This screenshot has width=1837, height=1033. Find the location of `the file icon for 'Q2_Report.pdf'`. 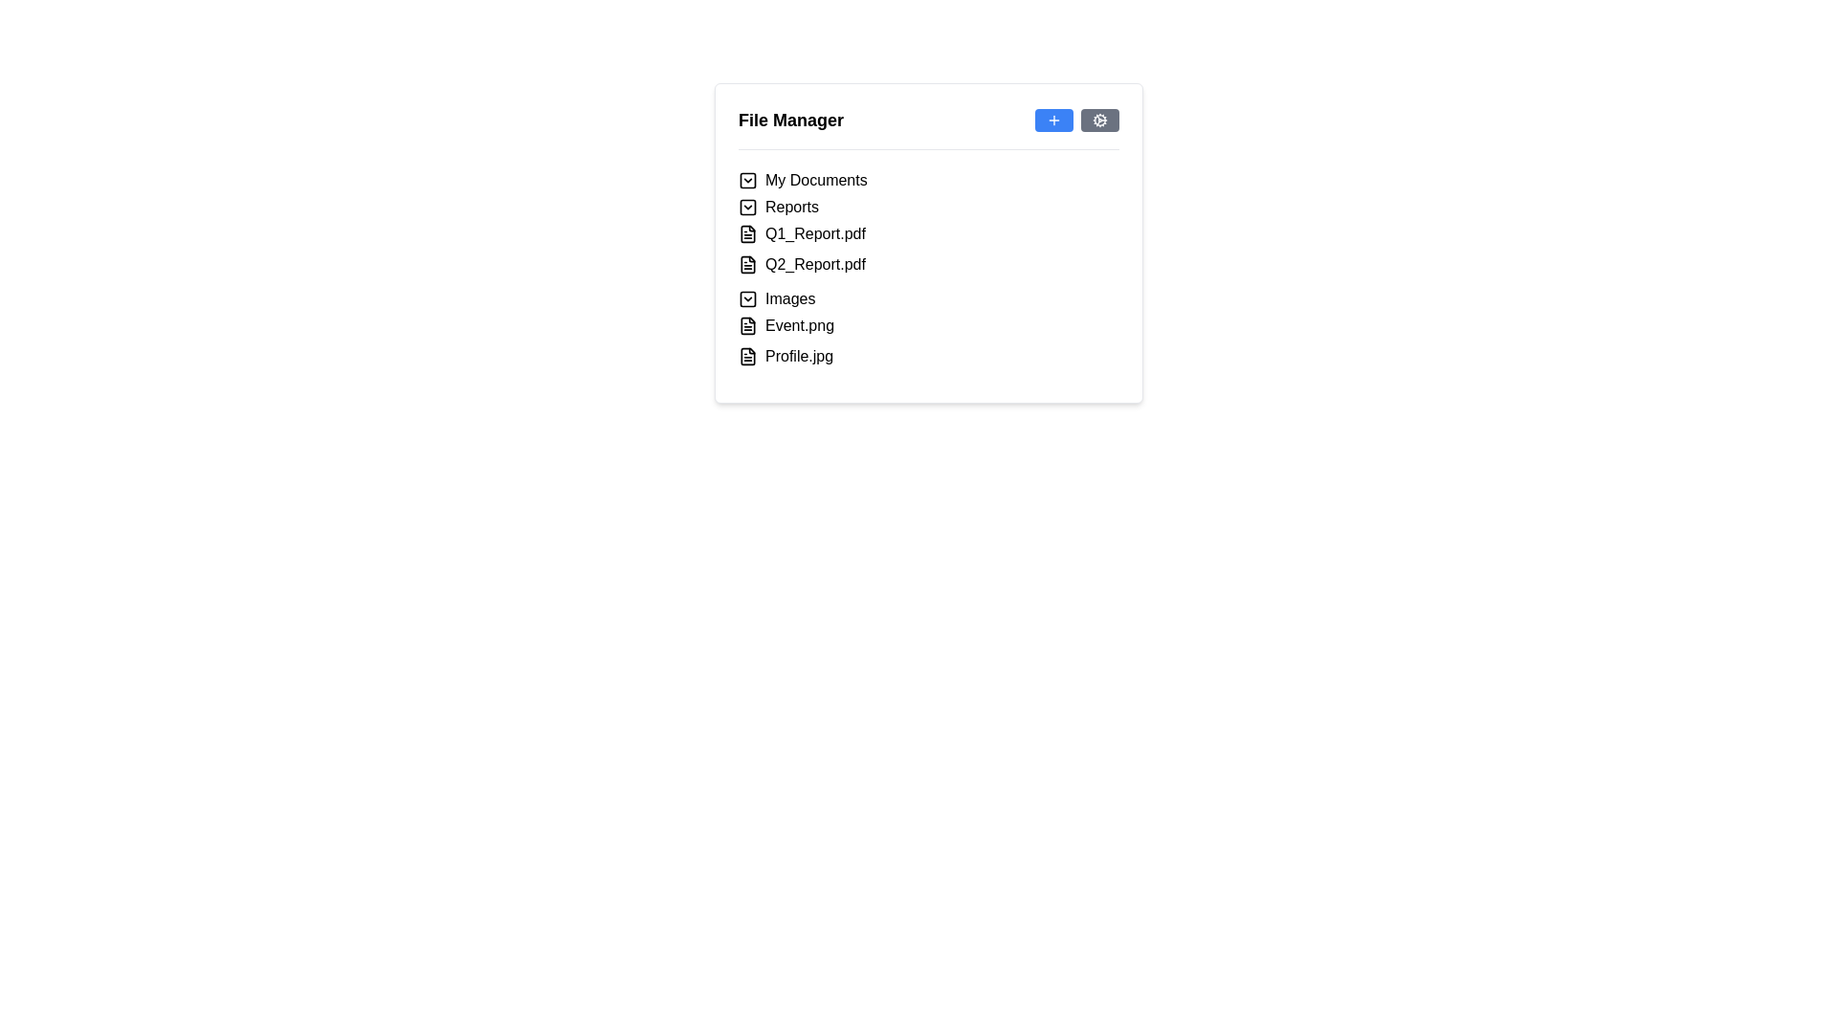

the file icon for 'Q2_Report.pdf' is located at coordinates (747, 265).